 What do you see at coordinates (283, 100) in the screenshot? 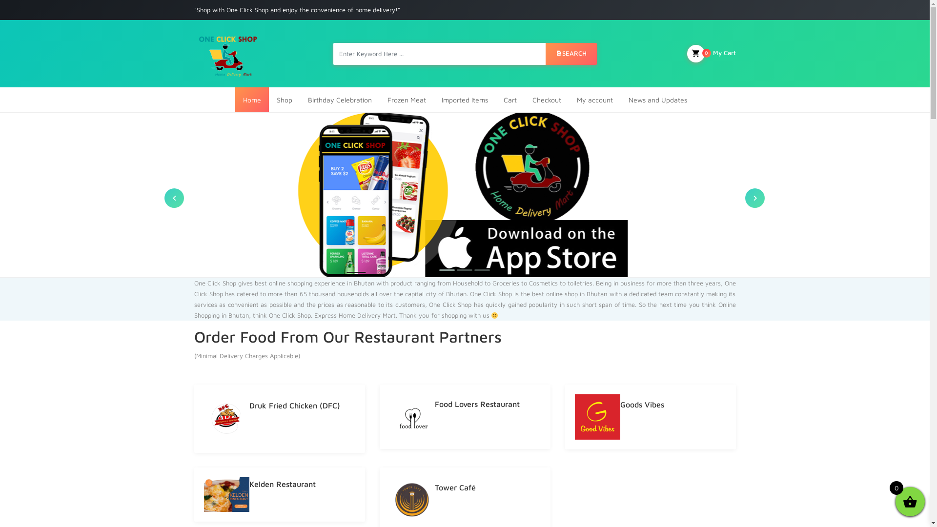
I see `'Shop'` at bounding box center [283, 100].